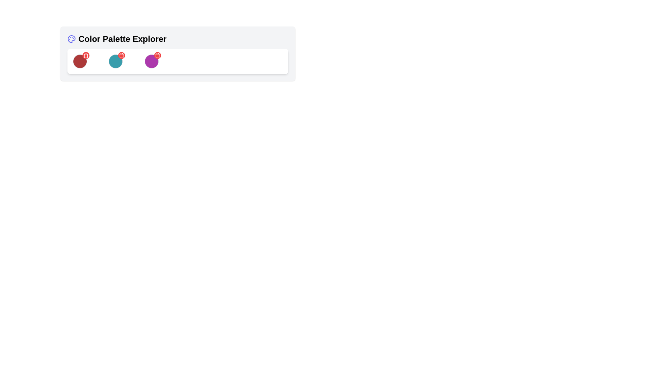 The height and width of the screenshot is (377, 671). Describe the element at coordinates (80, 61) in the screenshot. I see `the first circular button in the grid layout` at that location.